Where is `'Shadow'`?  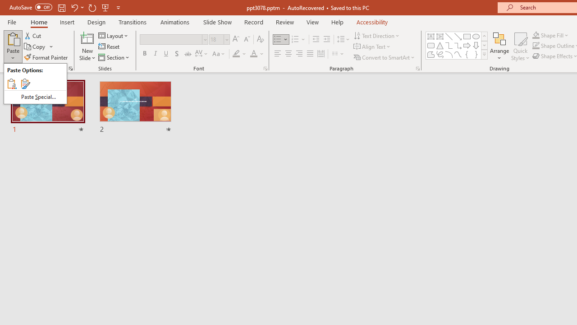
'Shadow' is located at coordinates (177, 54).